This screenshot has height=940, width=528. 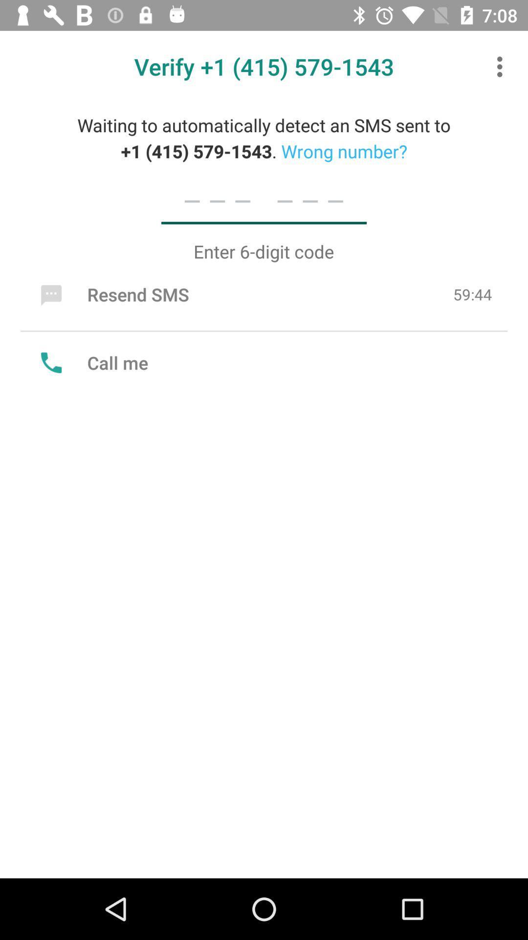 I want to click on icon next to the verify 1 415, so click(x=502, y=66).